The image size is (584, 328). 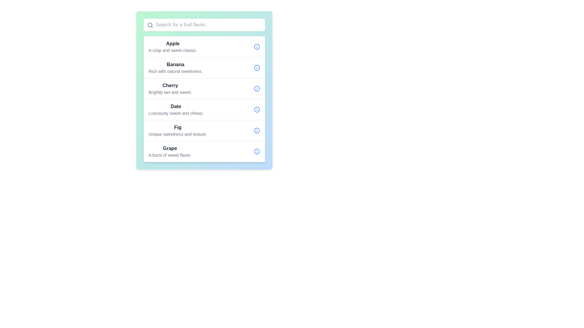 What do you see at coordinates (175, 64) in the screenshot?
I see `the text element representing the fruit 'Banana', which is located in the second row of a vertically aligned list` at bounding box center [175, 64].